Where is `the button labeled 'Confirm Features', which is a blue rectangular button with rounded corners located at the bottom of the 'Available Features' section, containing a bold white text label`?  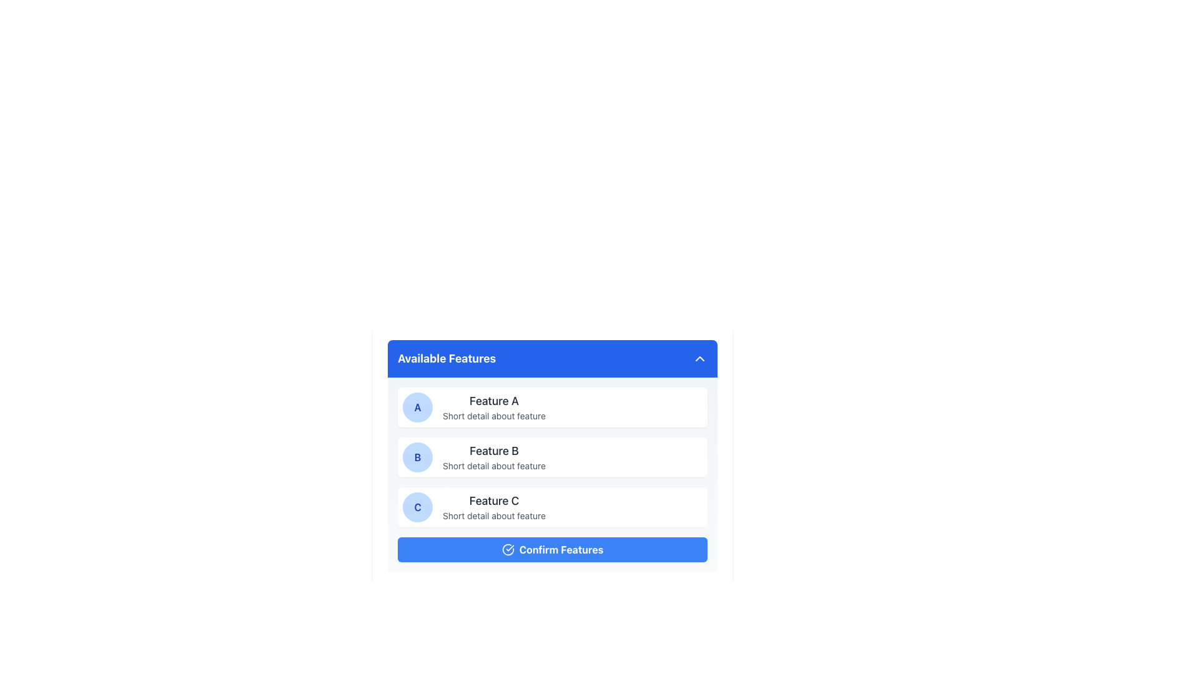 the button labeled 'Confirm Features', which is a blue rectangular button with rounded corners located at the bottom of the 'Available Features' section, containing a bold white text label is located at coordinates (560, 549).